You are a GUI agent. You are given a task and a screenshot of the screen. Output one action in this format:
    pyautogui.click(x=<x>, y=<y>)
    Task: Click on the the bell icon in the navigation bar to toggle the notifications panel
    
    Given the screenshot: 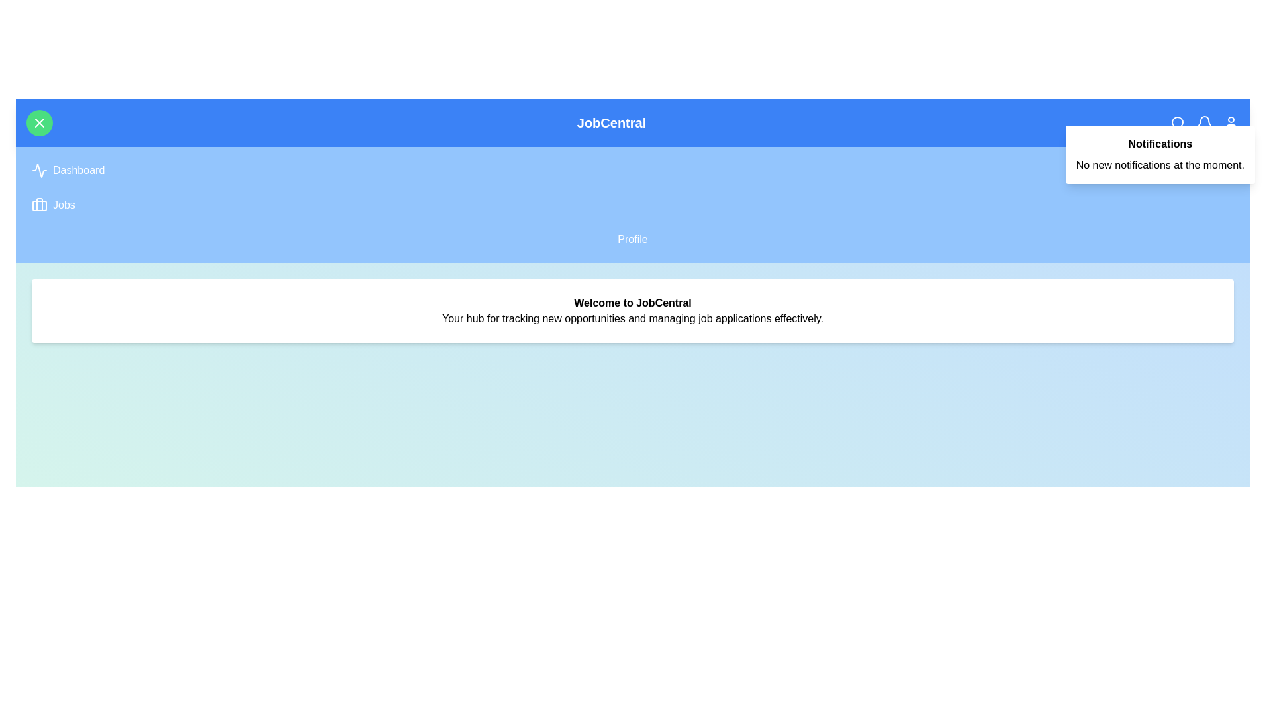 What is the action you would take?
    pyautogui.click(x=1204, y=122)
    